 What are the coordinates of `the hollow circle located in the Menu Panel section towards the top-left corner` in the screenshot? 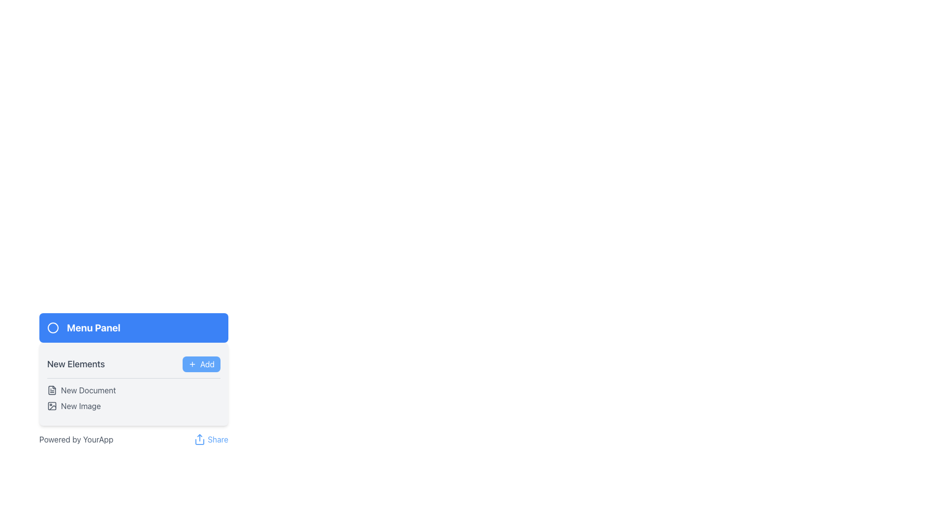 It's located at (53, 328).